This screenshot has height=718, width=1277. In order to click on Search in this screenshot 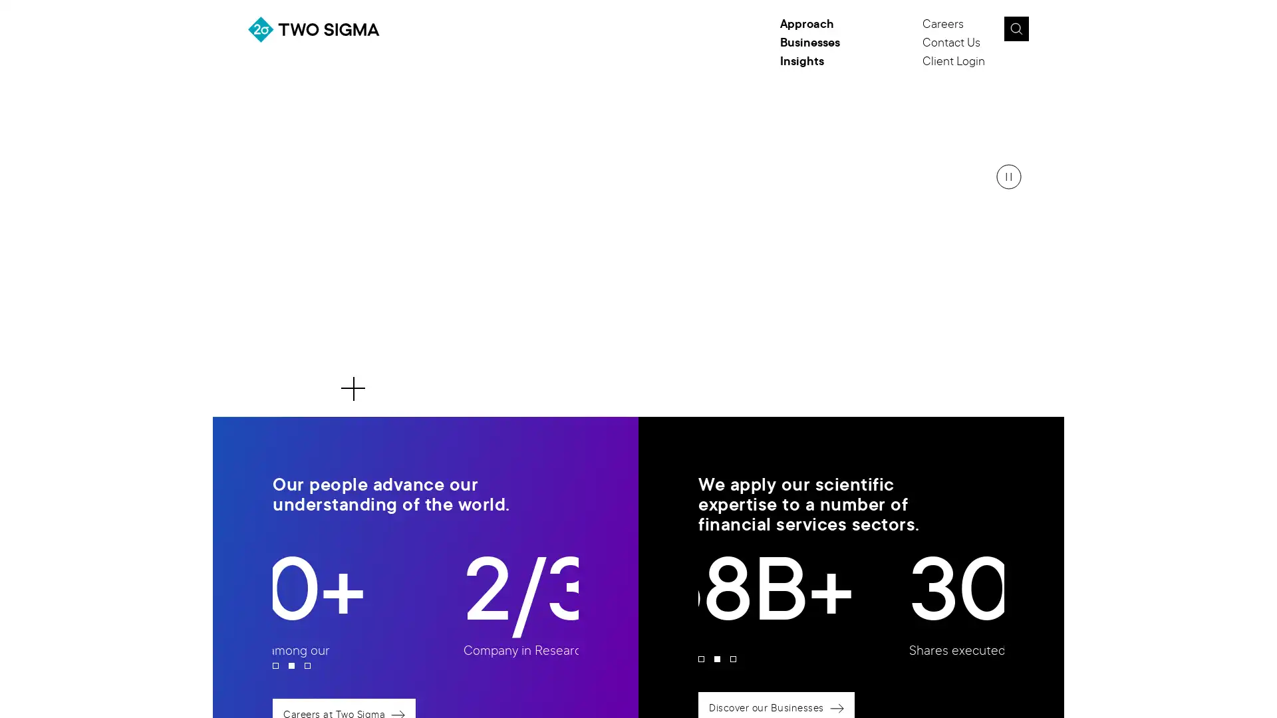, I will do `click(1015, 29)`.